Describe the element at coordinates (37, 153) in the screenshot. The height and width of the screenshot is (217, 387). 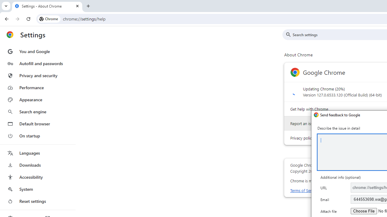
I see `'Languages'` at that location.